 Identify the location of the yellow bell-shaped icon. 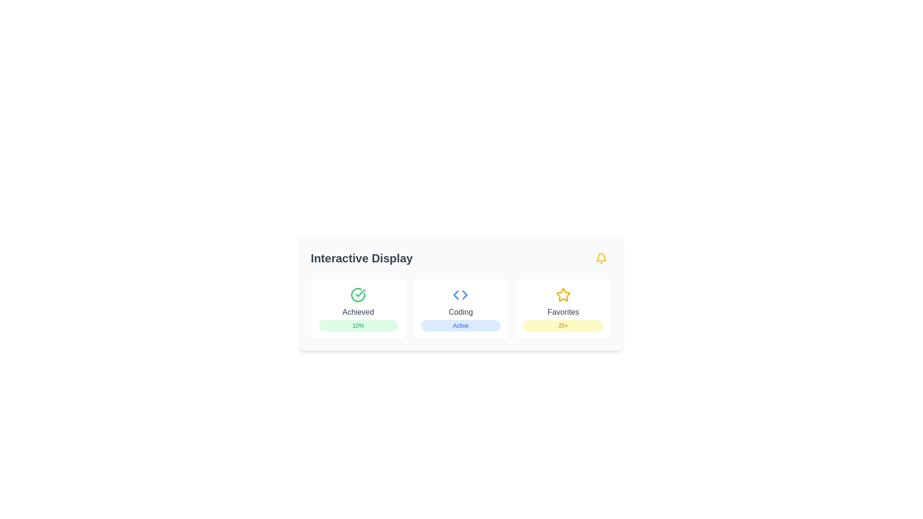
(600, 258).